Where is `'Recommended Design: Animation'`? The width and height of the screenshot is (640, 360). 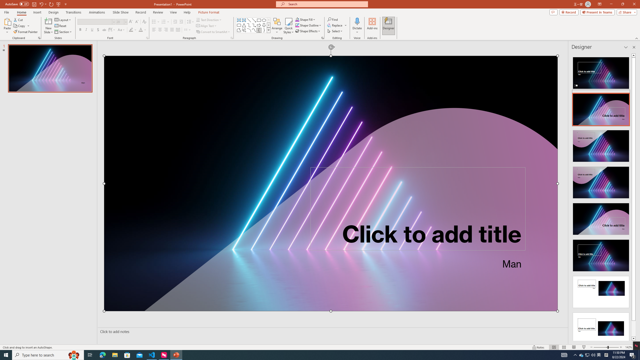
'Recommended Design: Animation' is located at coordinates (600, 71).